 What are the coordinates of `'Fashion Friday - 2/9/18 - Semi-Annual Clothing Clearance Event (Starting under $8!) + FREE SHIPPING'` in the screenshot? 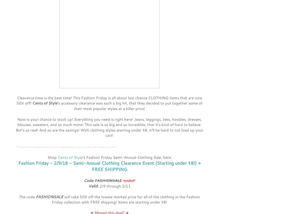 It's located at (109, 166).